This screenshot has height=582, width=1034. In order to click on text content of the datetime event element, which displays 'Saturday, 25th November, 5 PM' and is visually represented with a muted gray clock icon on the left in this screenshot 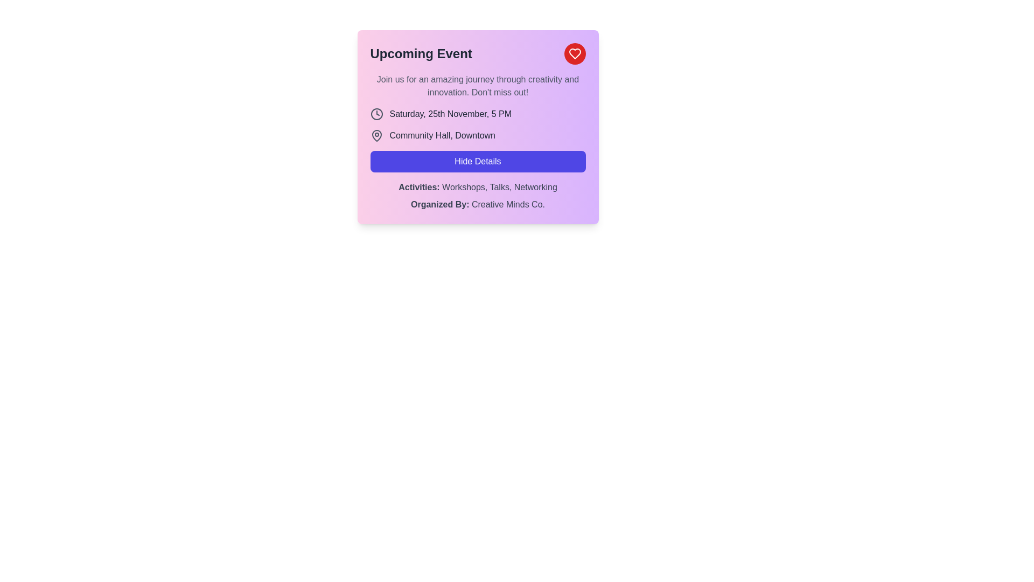, I will do `click(477, 114)`.